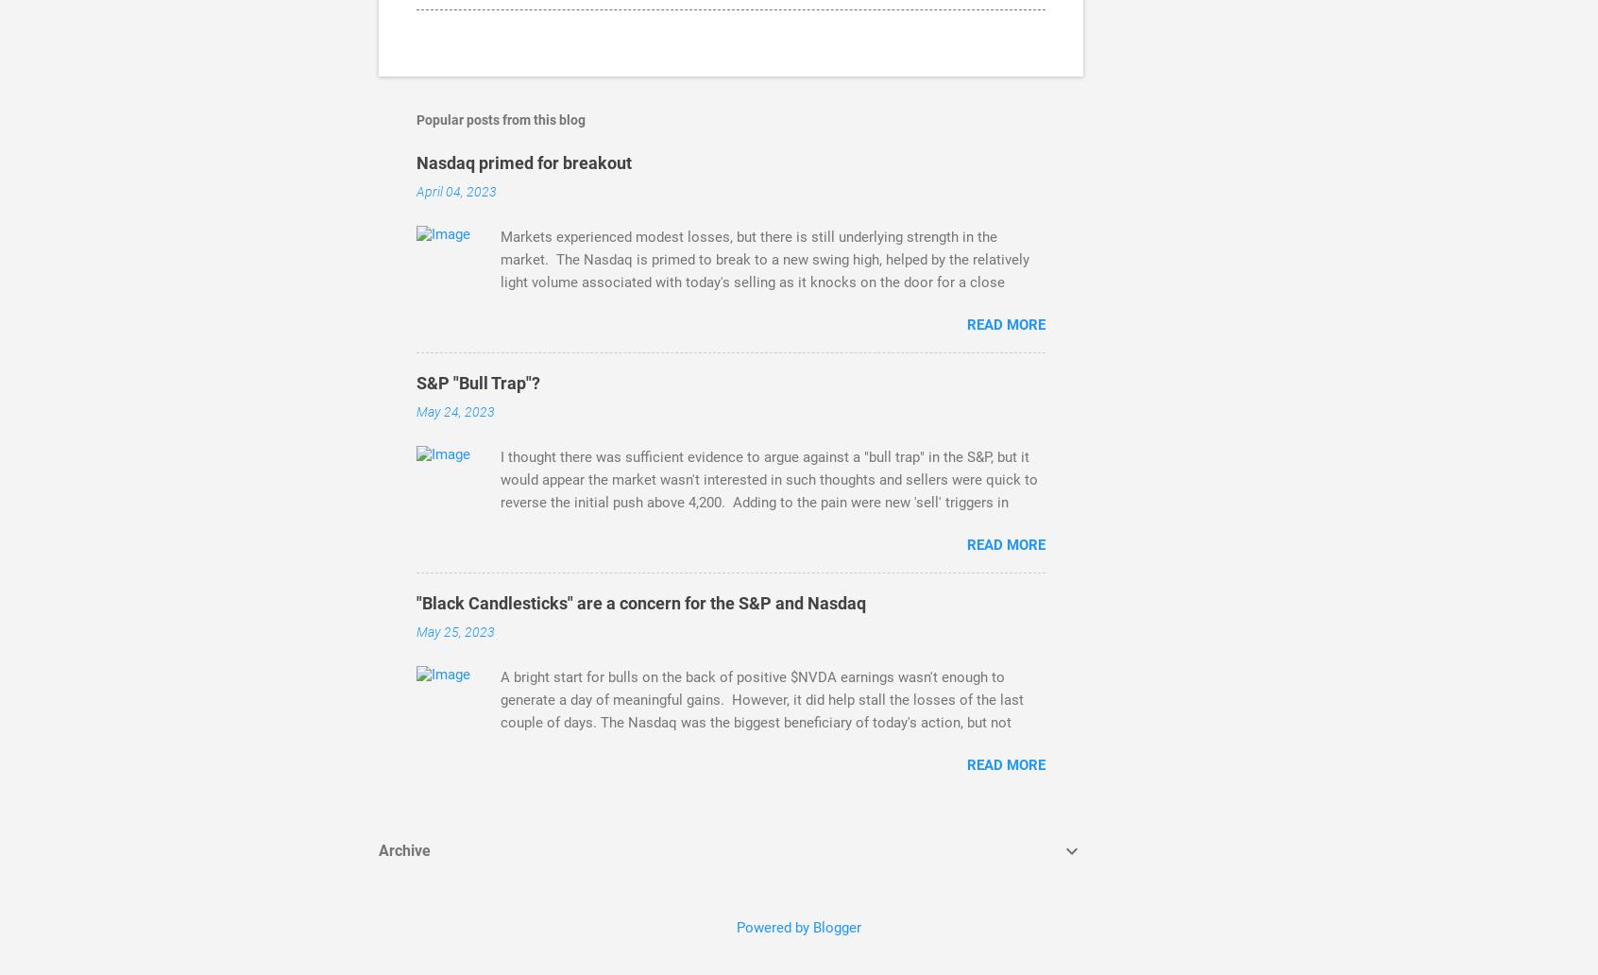  I want to click on 'A bright start for bulls on the back of positive $NVDA earnings wasn't enough to generate a day of meaningful gains.  However, it did help stall the losses of the last couple of days. The Nasdaq was the biggest beneficiary of today's action, but not enough to see an end-of-day finish that cleared last week's swing high, nor delivery of a large white candlestick, despite the morning breakout gap.  Technicals are net bullish and relative performance against the S&P has become consistently stronger since the start of May.  While today's candlestick I would view as typically 'bearish', today's volume ranked as confirmed accumulation (bullish). Overall, I would be looking for higher prices from here.', so click(773, 768).